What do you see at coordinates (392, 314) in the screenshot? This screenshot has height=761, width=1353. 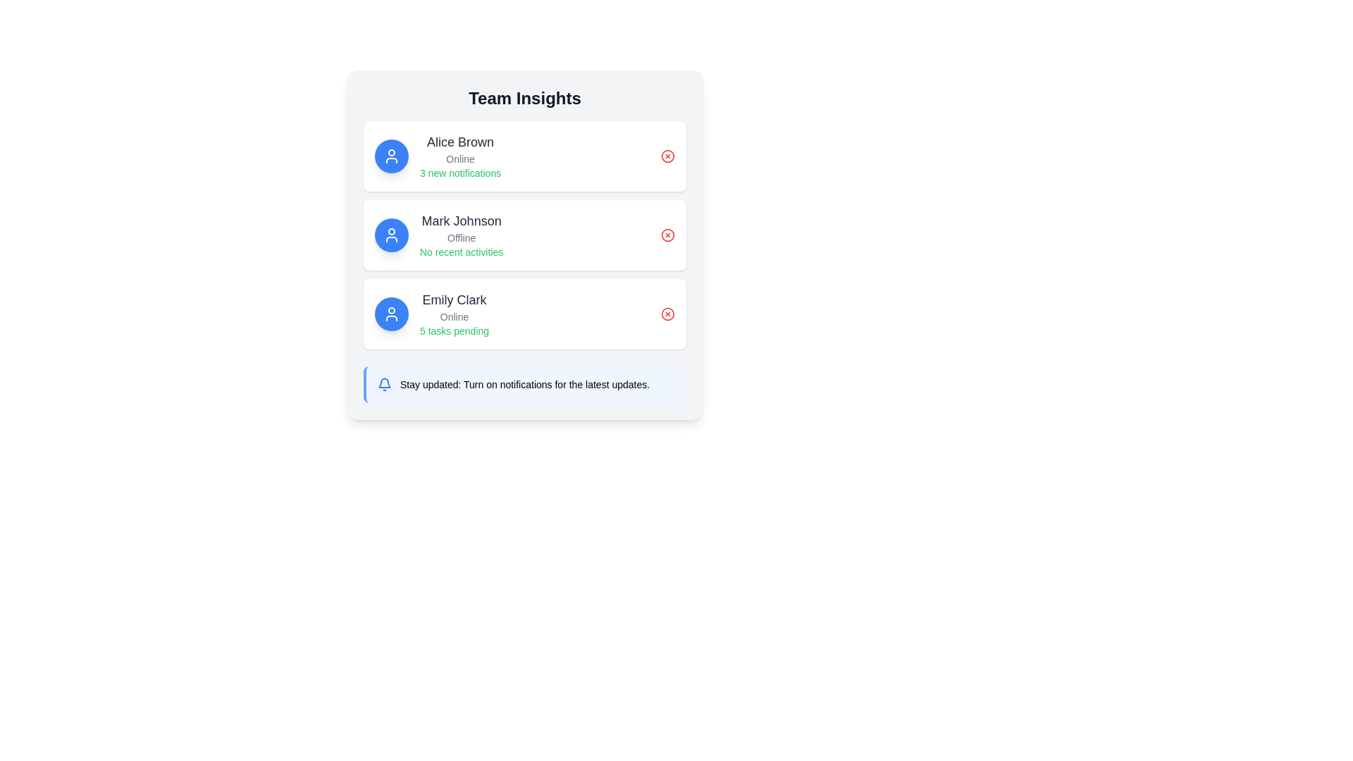 I see `the icon placeholder representing user 'Emily Clark', located on the left side of the row in the third group under 'Team Insights'` at bounding box center [392, 314].